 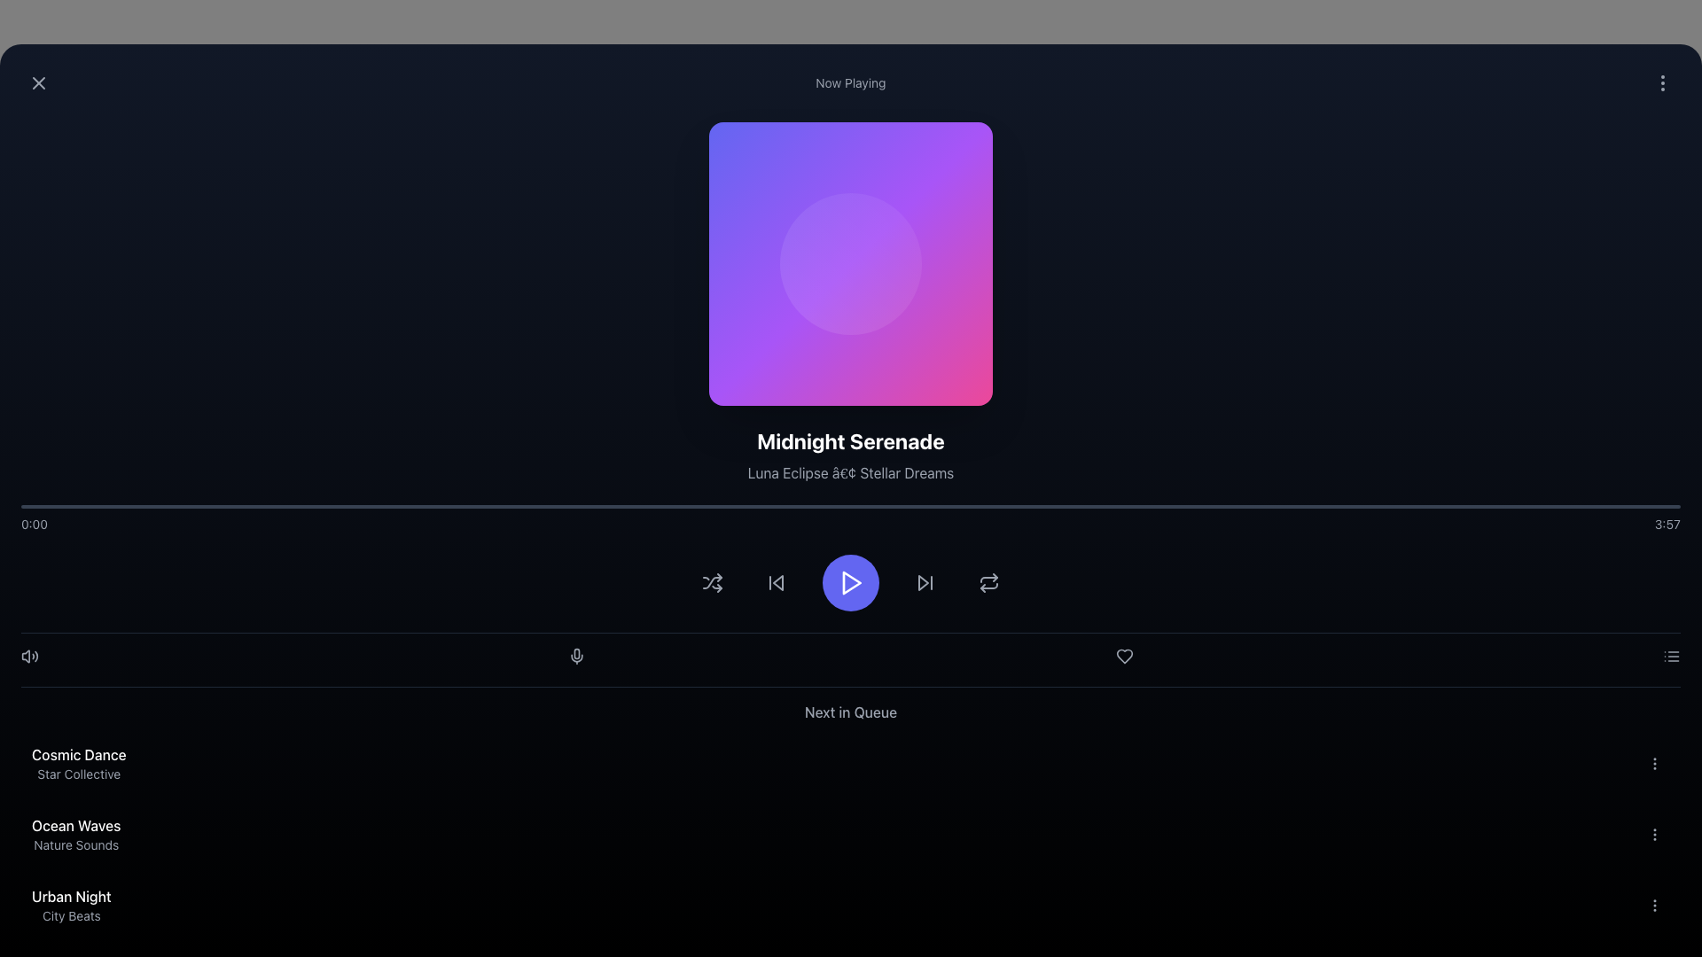 I want to click on the button with an icon located in the bottom-right corner of the interface, so click(x=1671, y=656).